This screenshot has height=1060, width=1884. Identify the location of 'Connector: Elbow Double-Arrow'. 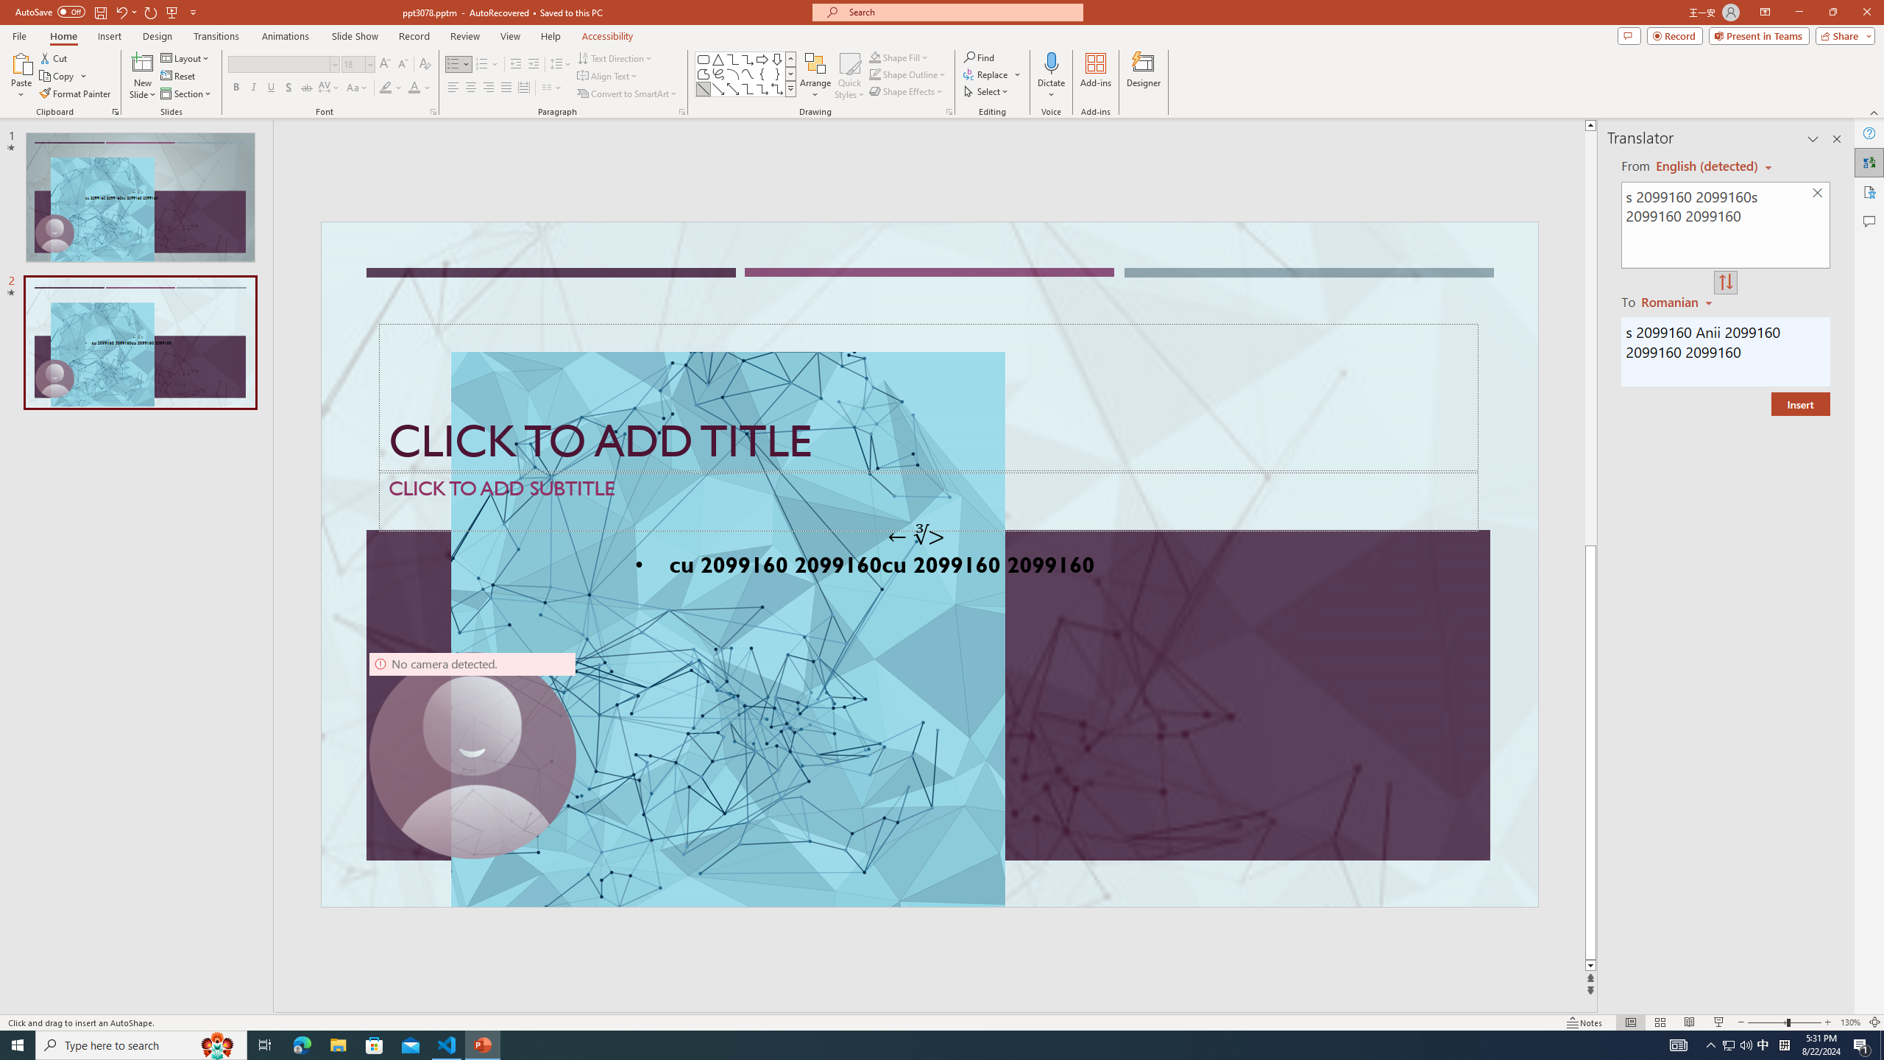
(776, 88).